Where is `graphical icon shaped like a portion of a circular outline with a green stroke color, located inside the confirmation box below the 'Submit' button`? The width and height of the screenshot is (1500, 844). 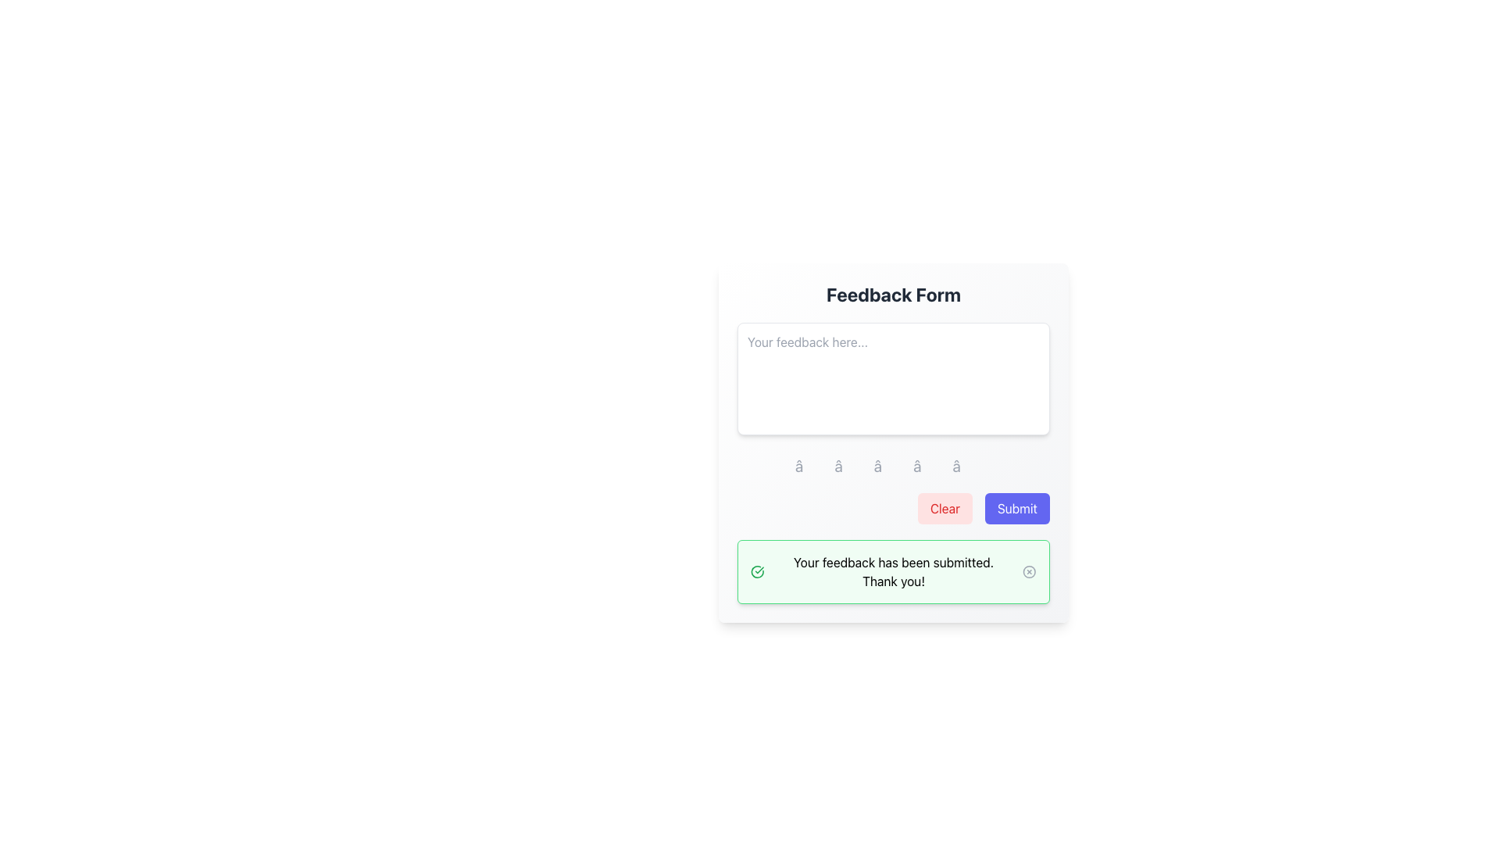 graphical icon shaped like a portion of a circular outline with a green stroke color, located inside the confirmation box below the 'Submit' button is located at coordinates (757, 572).